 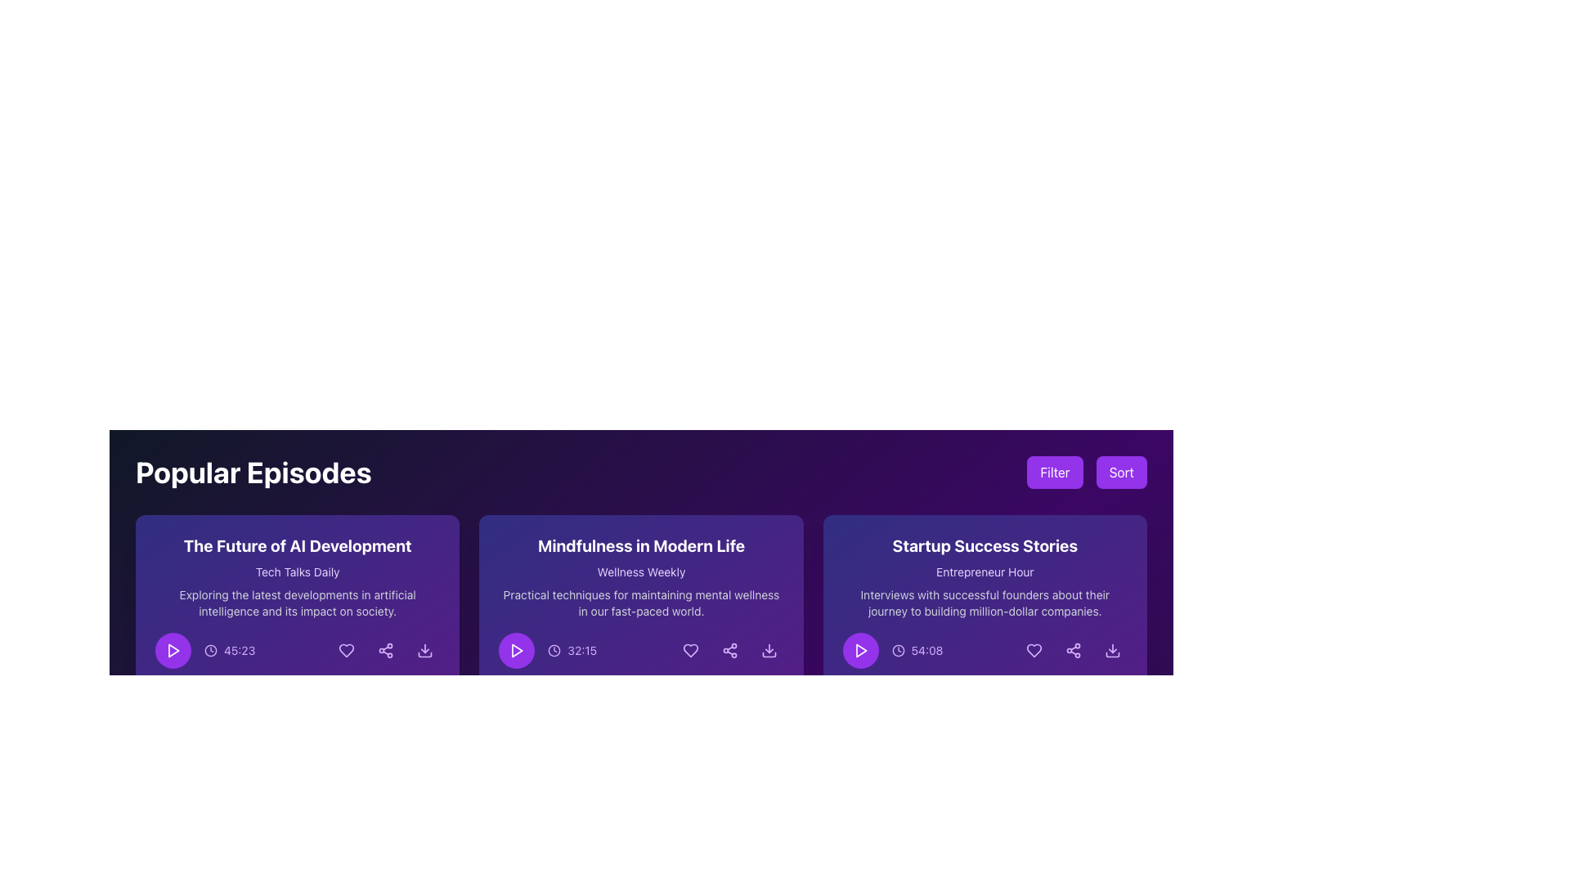 What do you see at coordinates (1034, 649) in the screenshot?
I see `the heart-shaped icon button within the 'Startup Success Stories' card` at bounding box center [1034, 649].